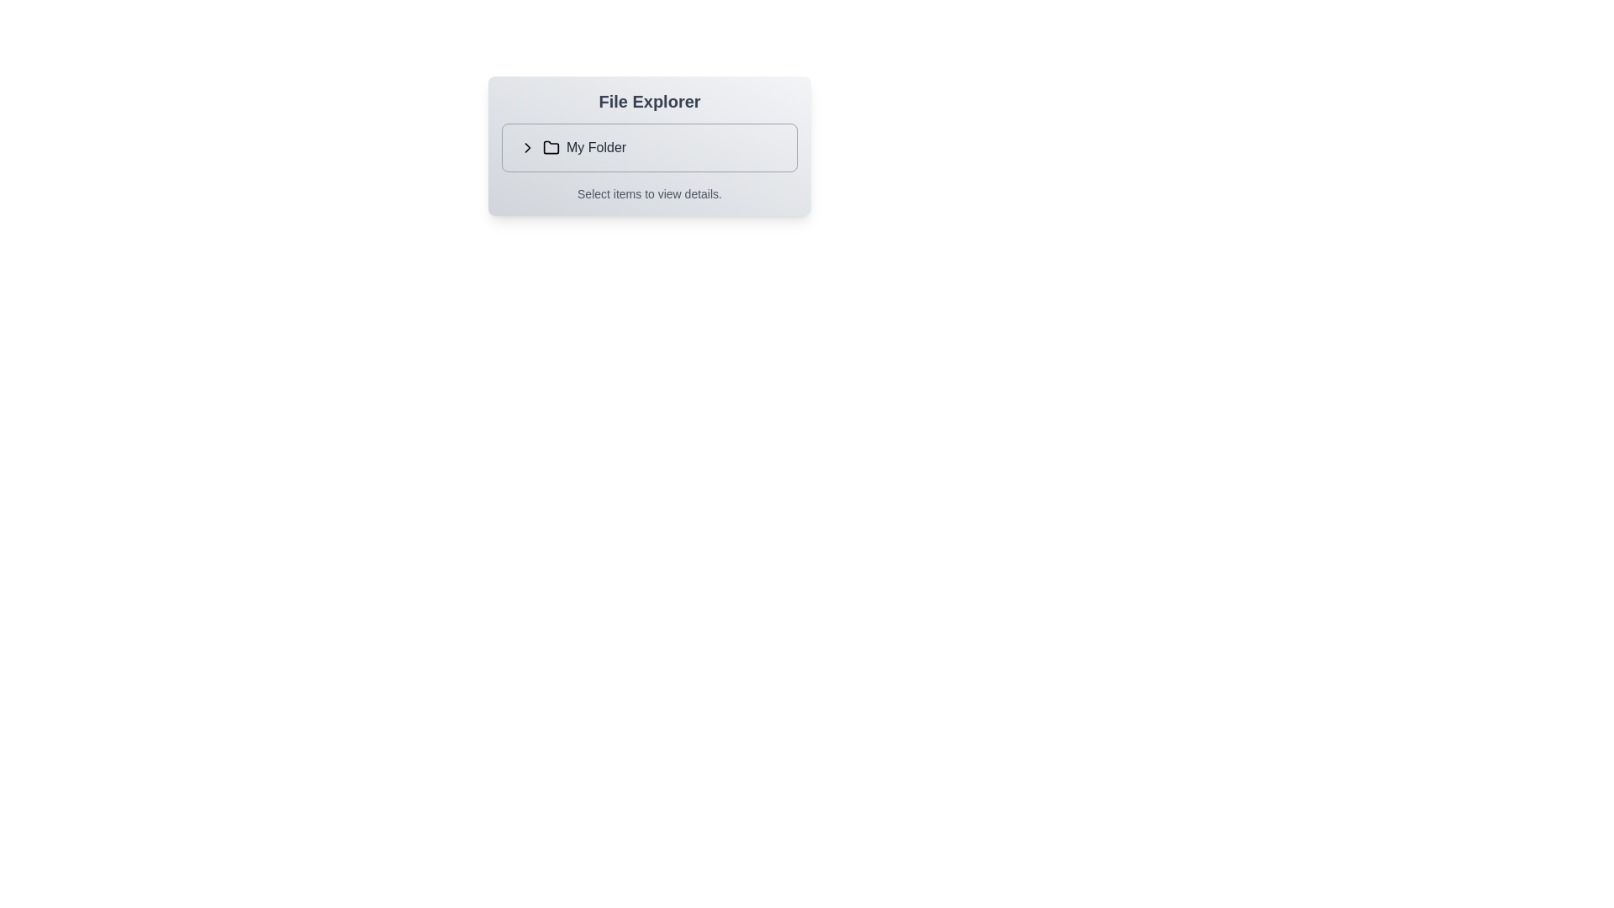 The image size is (1614, 908). I want to click on the folder row to toggle its state, so click(648, 147).